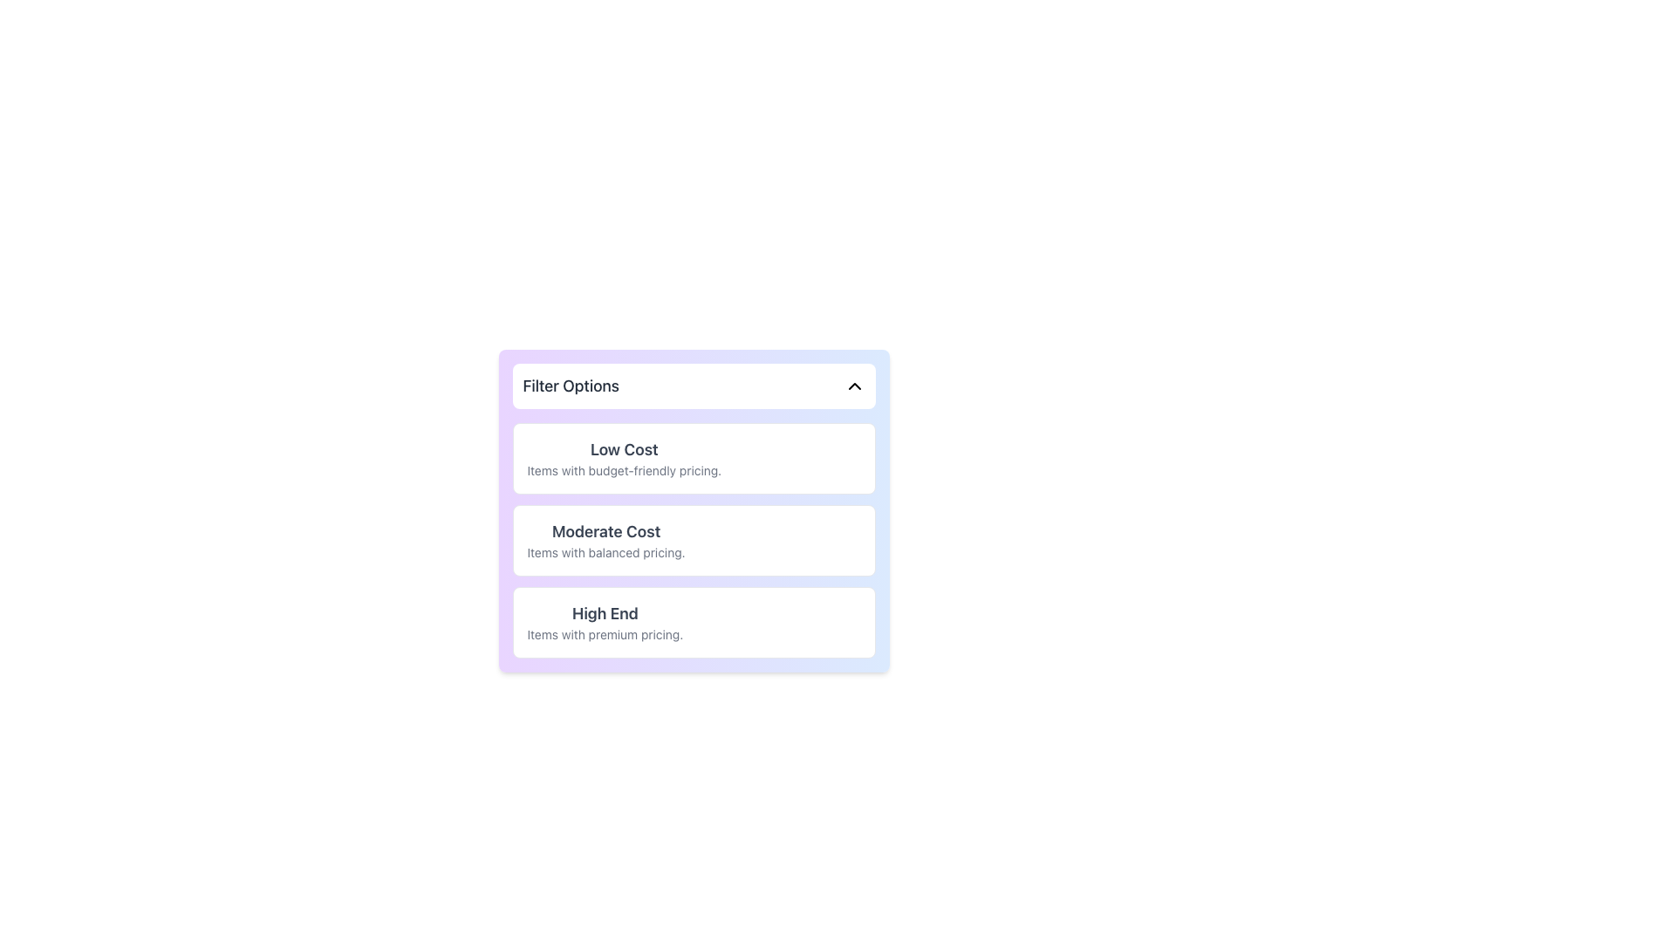 The image size is (1675, 942). I want to click on the 'Moderate Cost' filter option in the Filter Options menu, so click(606, 540).